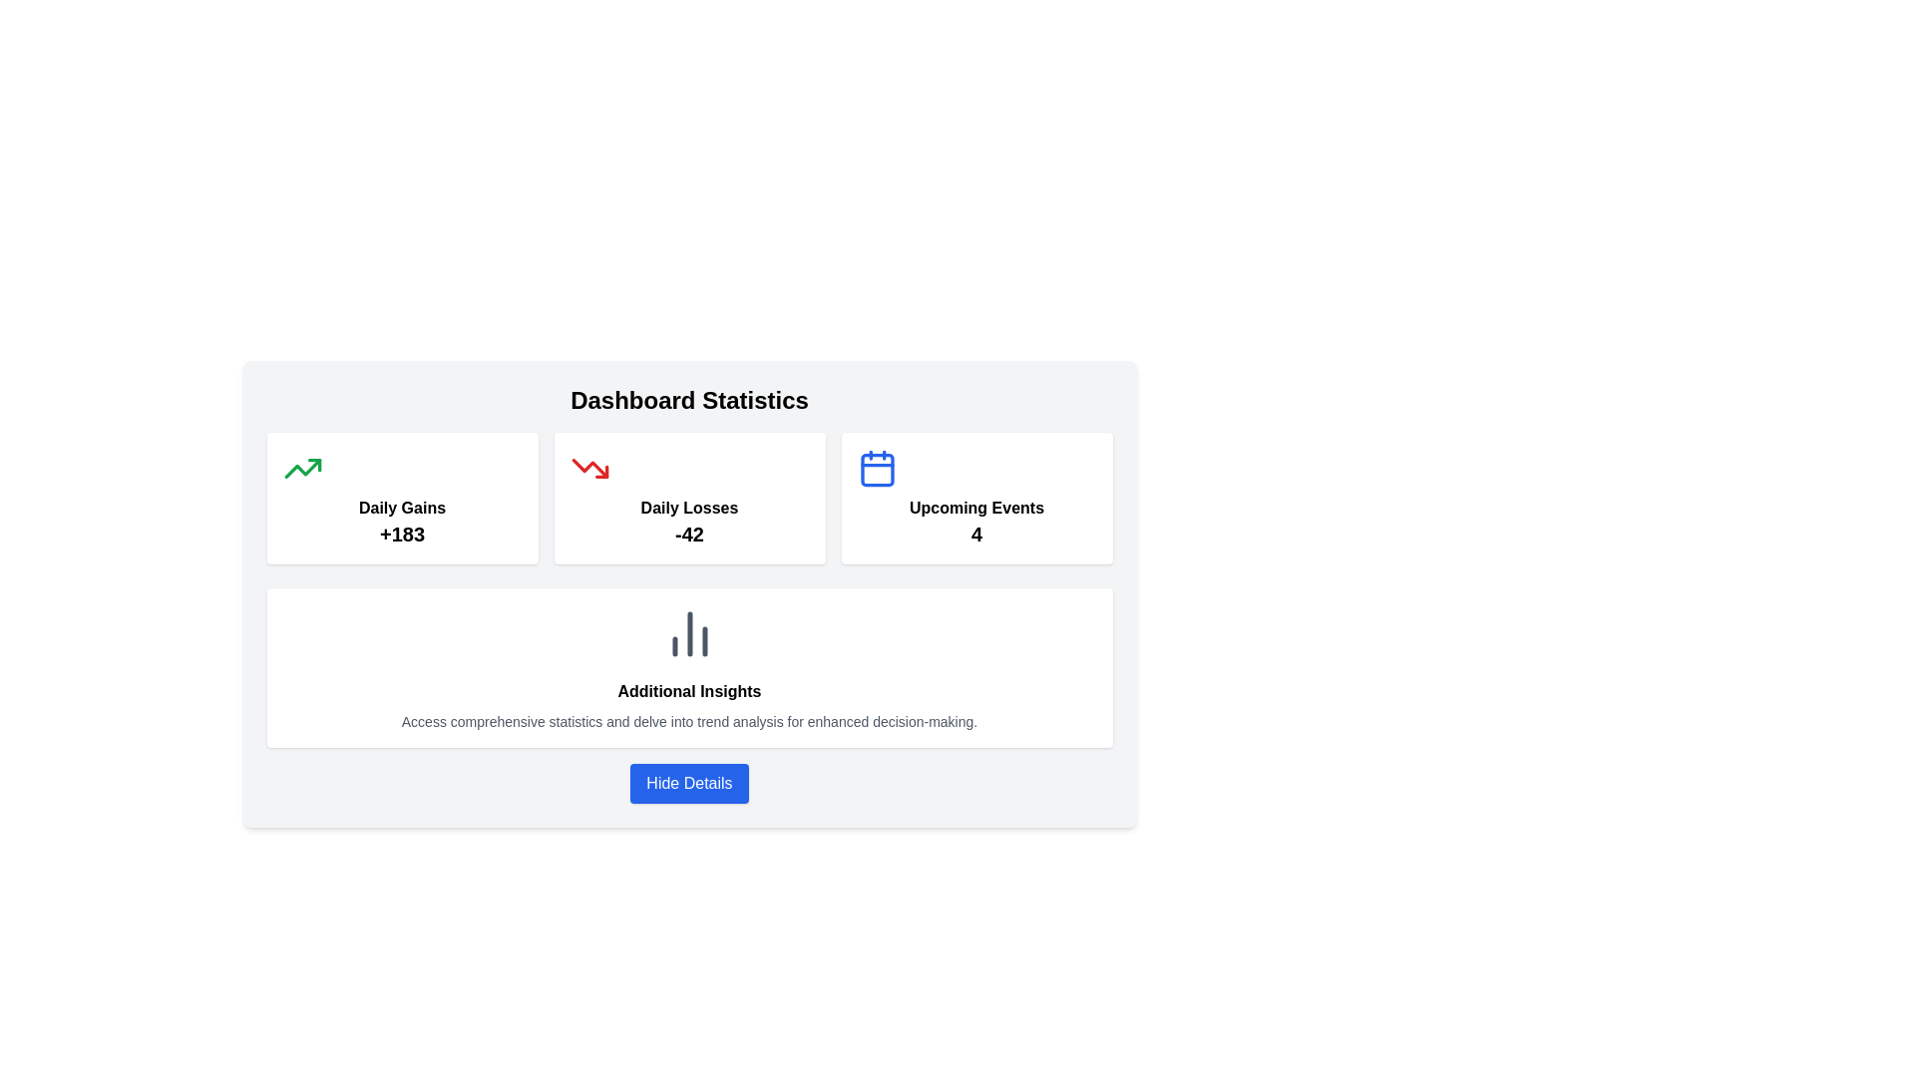 The width and height of the screenshot is (1915, 1077). What do you see at coordinates (689, 534) in the screenshot?
I see `the label displaying the daily losses in the dashboard statistics, located in the center of the 'Daily Losses' card, directly below the 'Daily Losses' label` at bounding box center [689, 534].